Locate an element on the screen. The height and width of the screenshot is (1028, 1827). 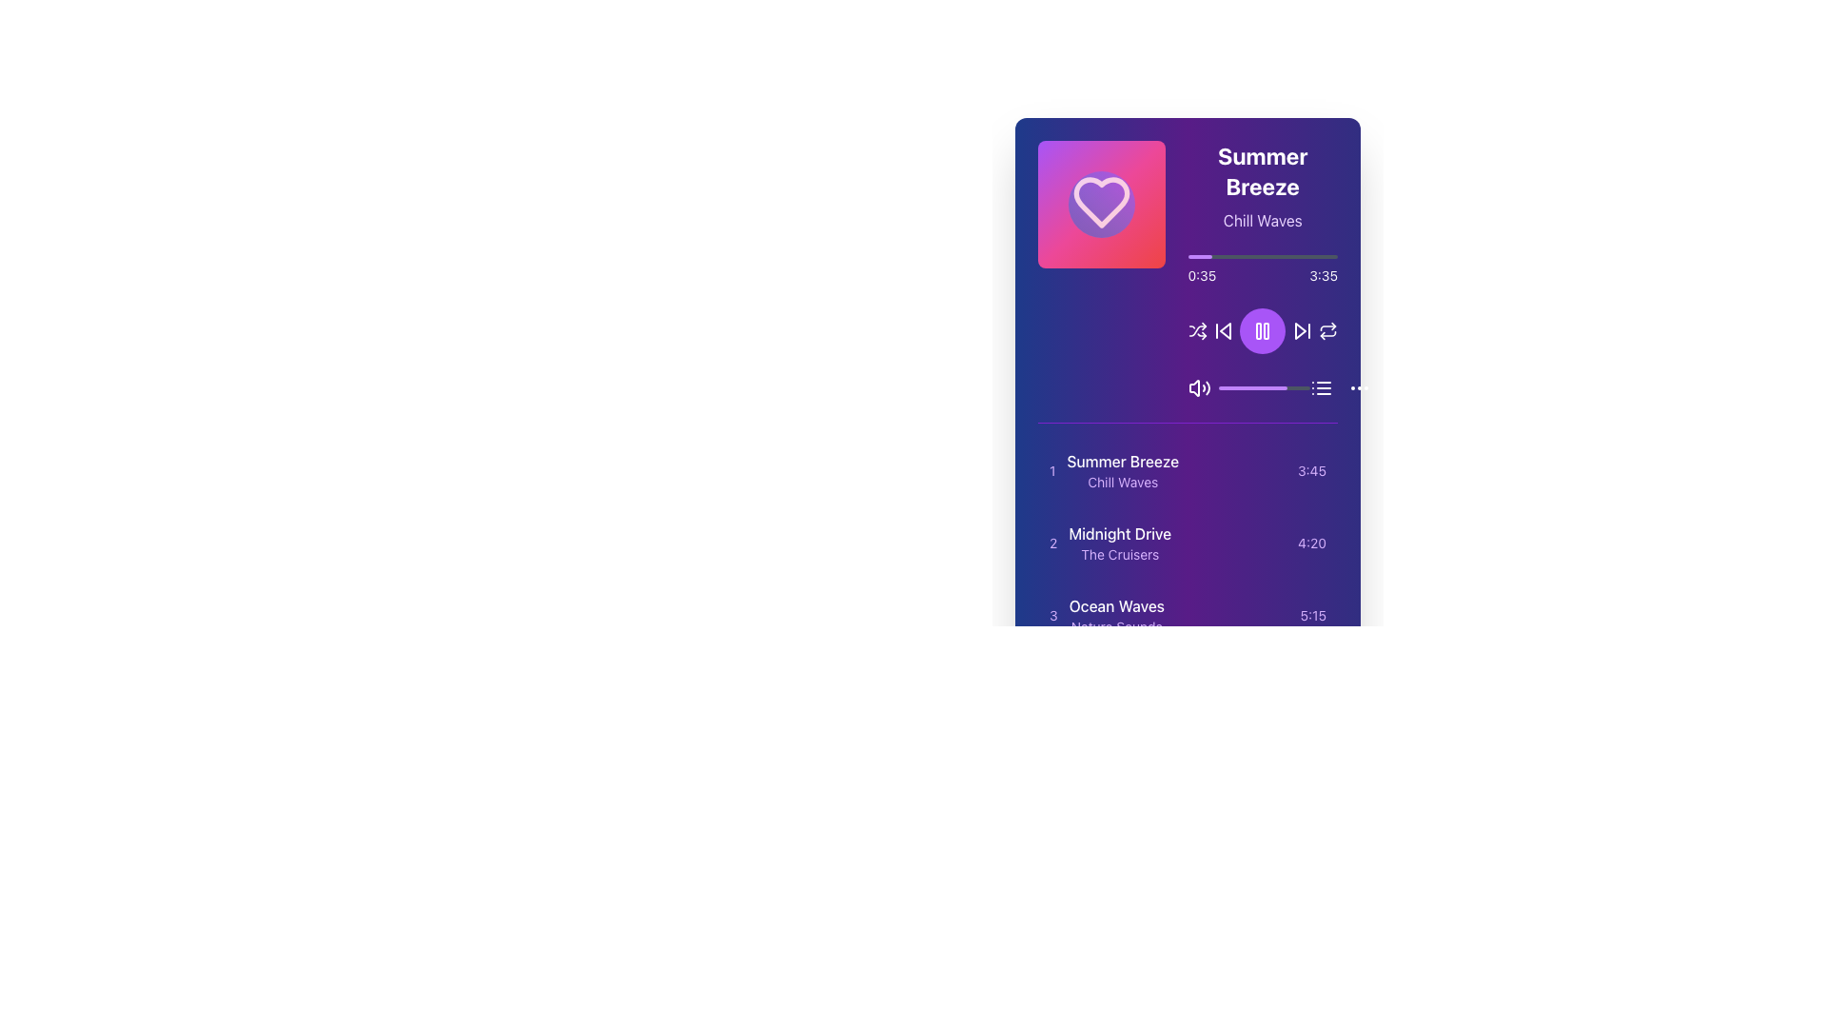
the triangular arrow icon located to the left of the vertical line to skip to the previous media item in the playlist is located at coordinates (1225, 329).